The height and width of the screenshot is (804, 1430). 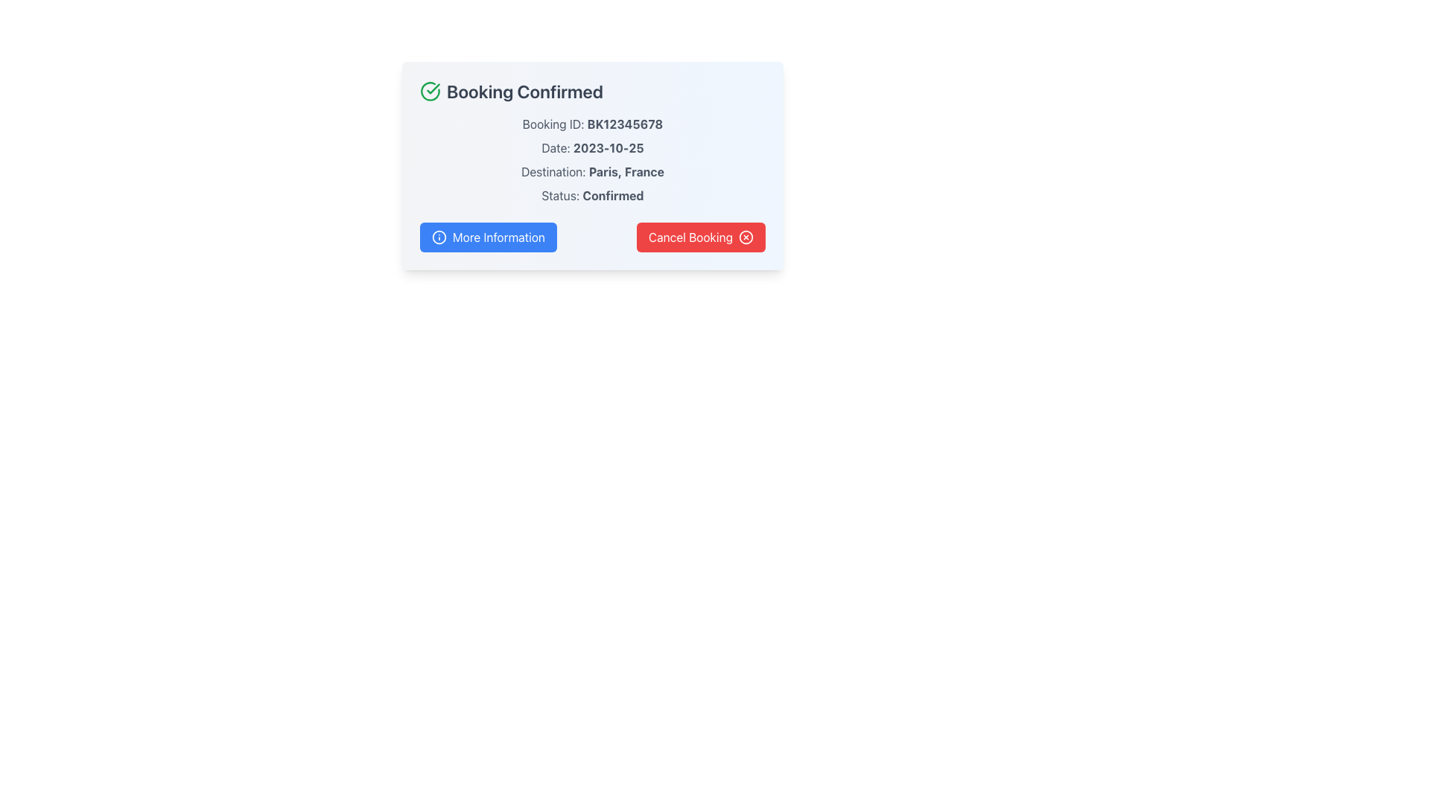 What do you see at coordinates (592, 92) in the screenshot?
I see `the Header Text with Icon that confirms the booking status, located at the top left of the card` at bounding box center [592, 92].